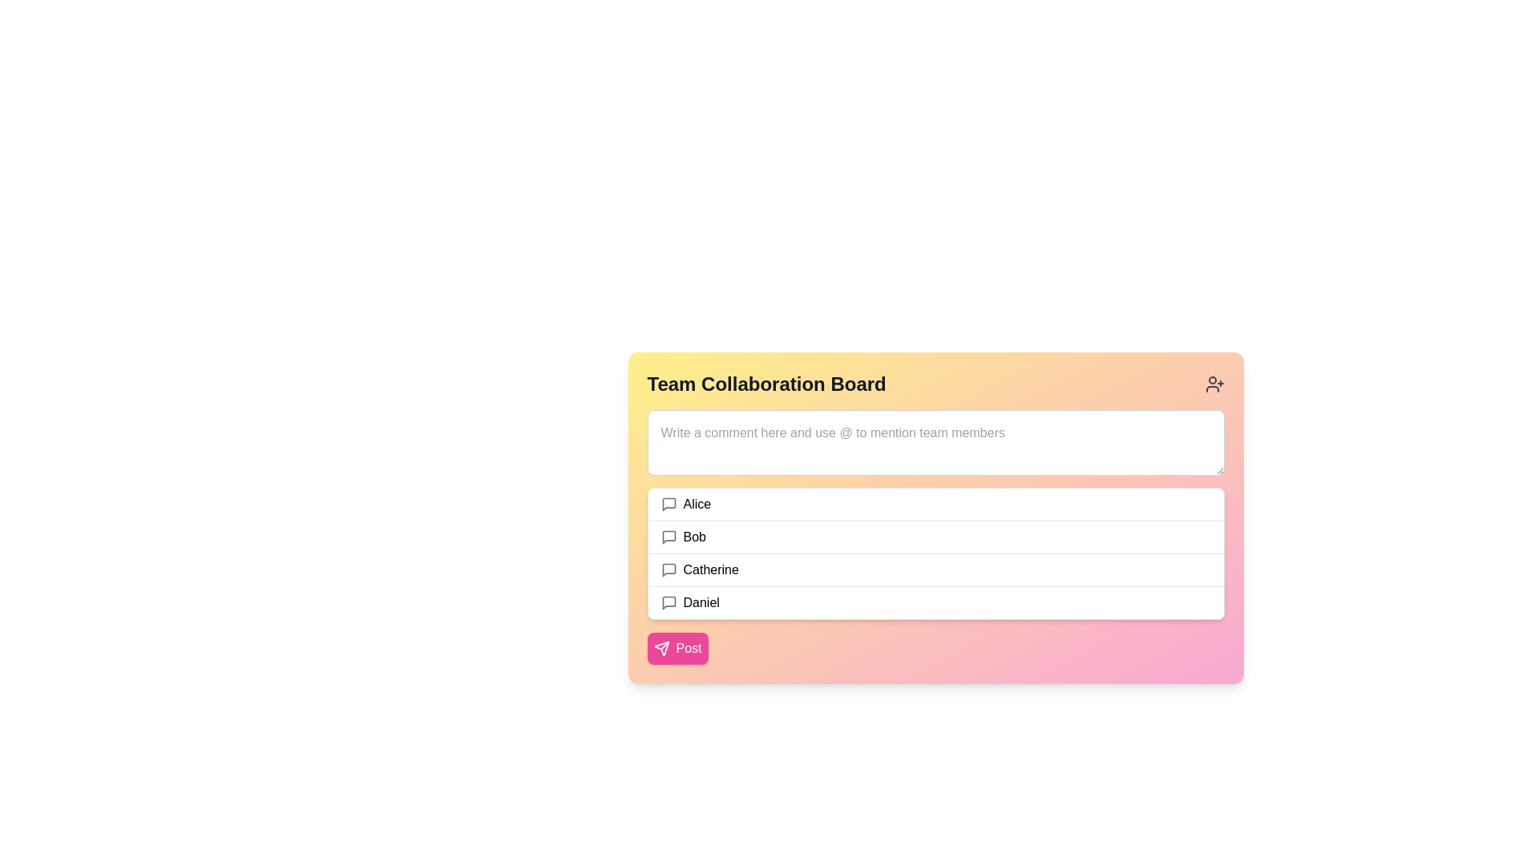  I want to click on the comment icon adjacent to the name 'Catherine' in the vertical list of user names, so click(669, 569).